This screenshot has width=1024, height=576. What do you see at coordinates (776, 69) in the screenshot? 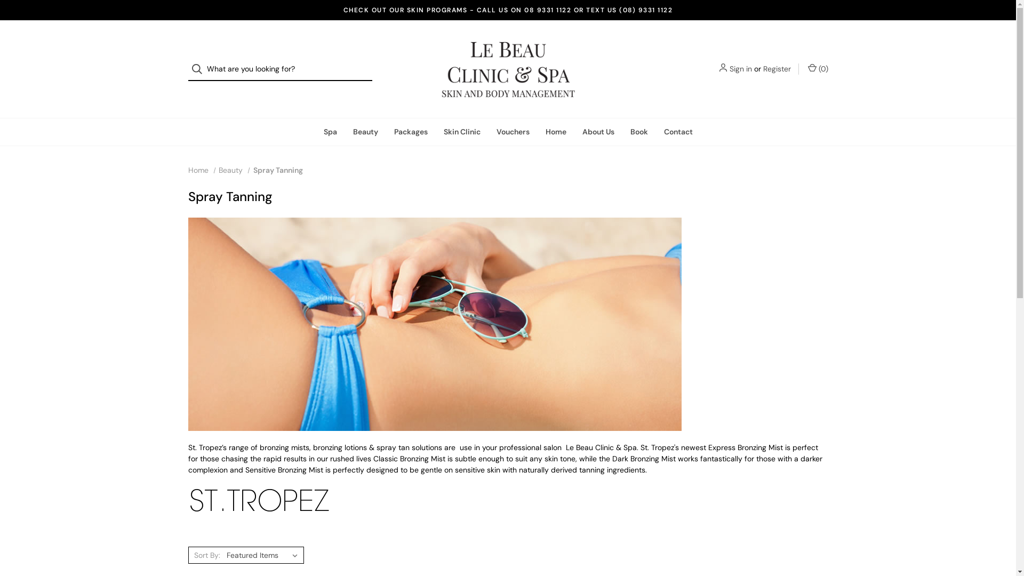
I see `'Register'` at bounding box center [776, 69].